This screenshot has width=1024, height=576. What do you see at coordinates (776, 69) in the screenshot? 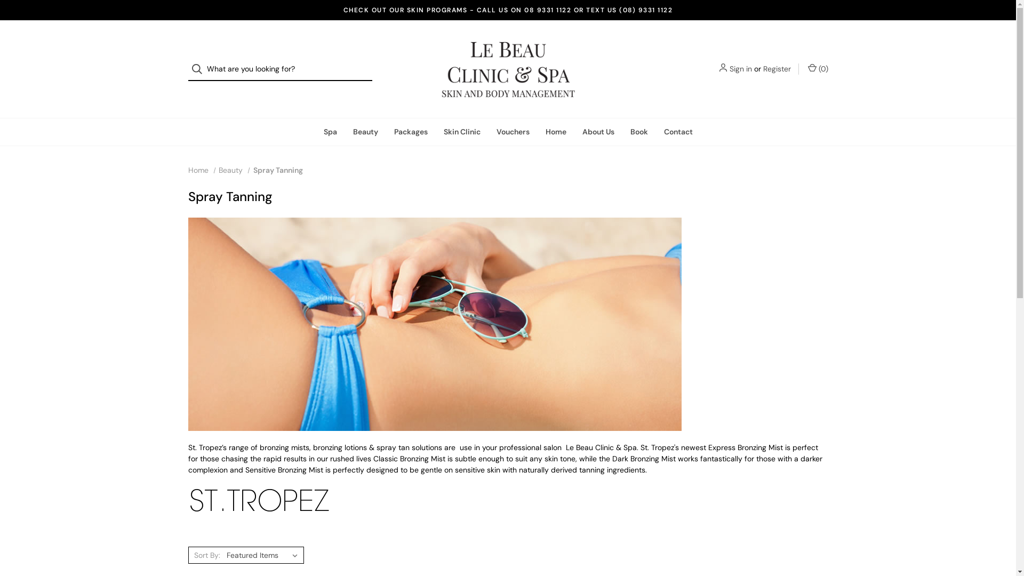
I see `'Register'` at bounding box center [776, 69].